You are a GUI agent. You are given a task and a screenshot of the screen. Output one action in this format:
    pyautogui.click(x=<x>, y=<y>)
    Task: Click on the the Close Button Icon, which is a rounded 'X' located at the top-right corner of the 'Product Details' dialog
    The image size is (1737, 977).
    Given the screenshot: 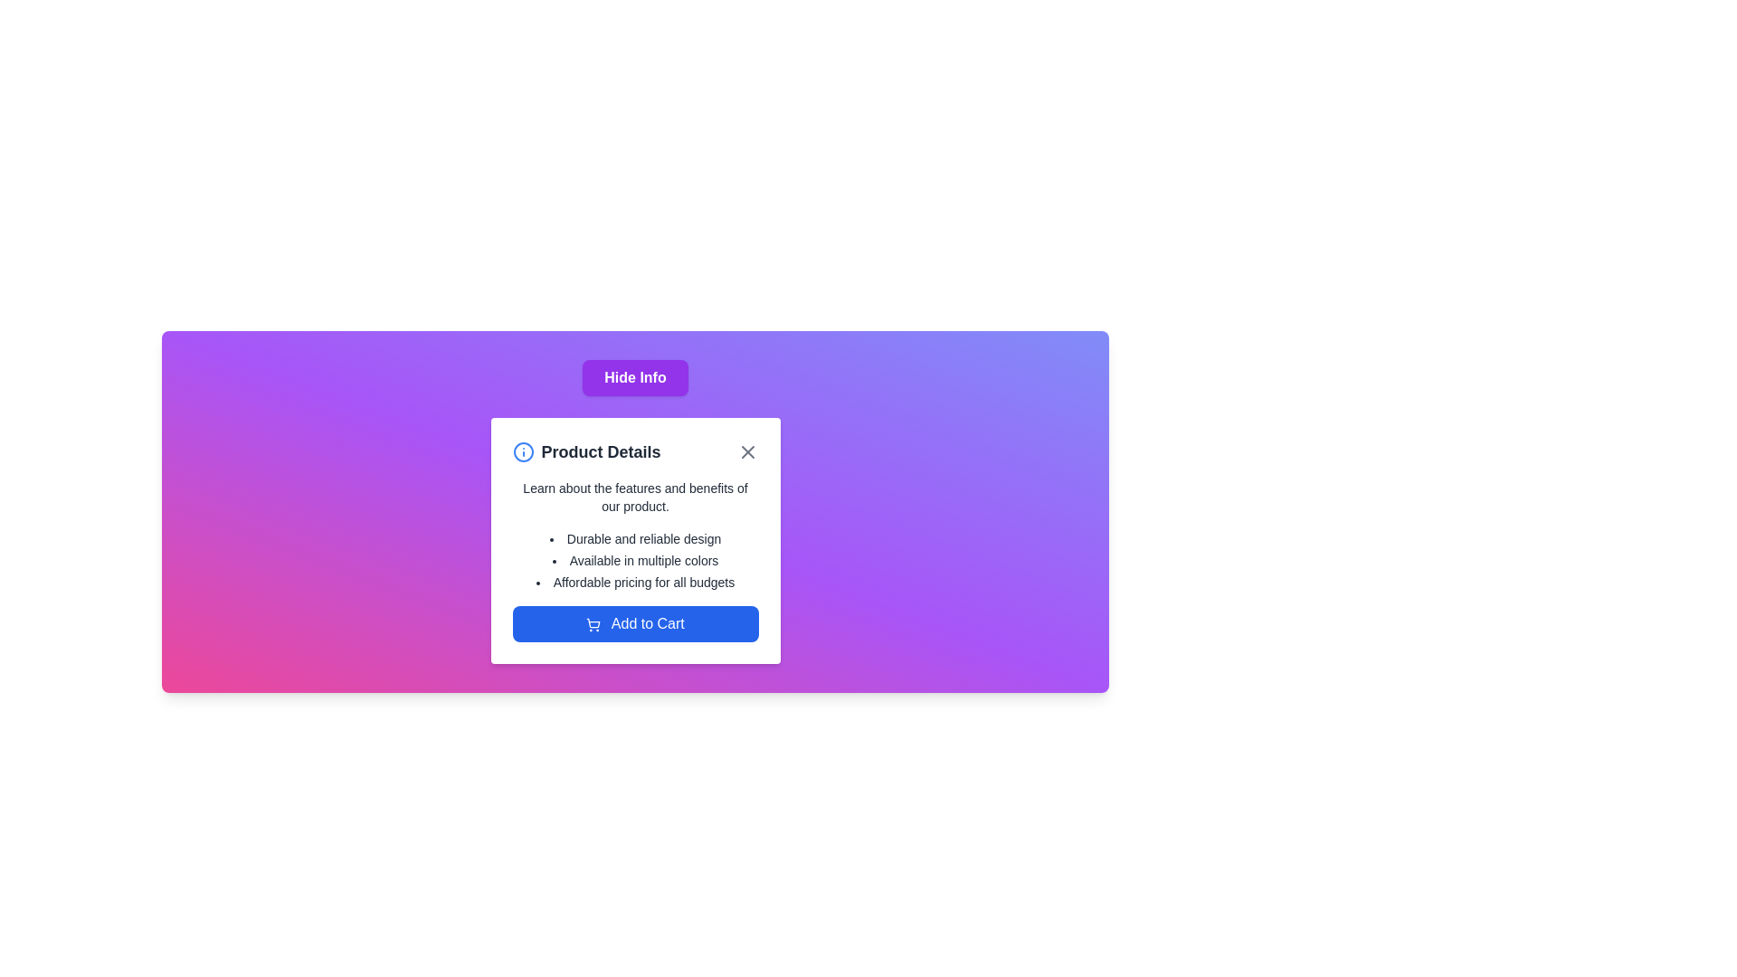 What is the action you would take?
    pyautogui.click(x=747, y=451)
    